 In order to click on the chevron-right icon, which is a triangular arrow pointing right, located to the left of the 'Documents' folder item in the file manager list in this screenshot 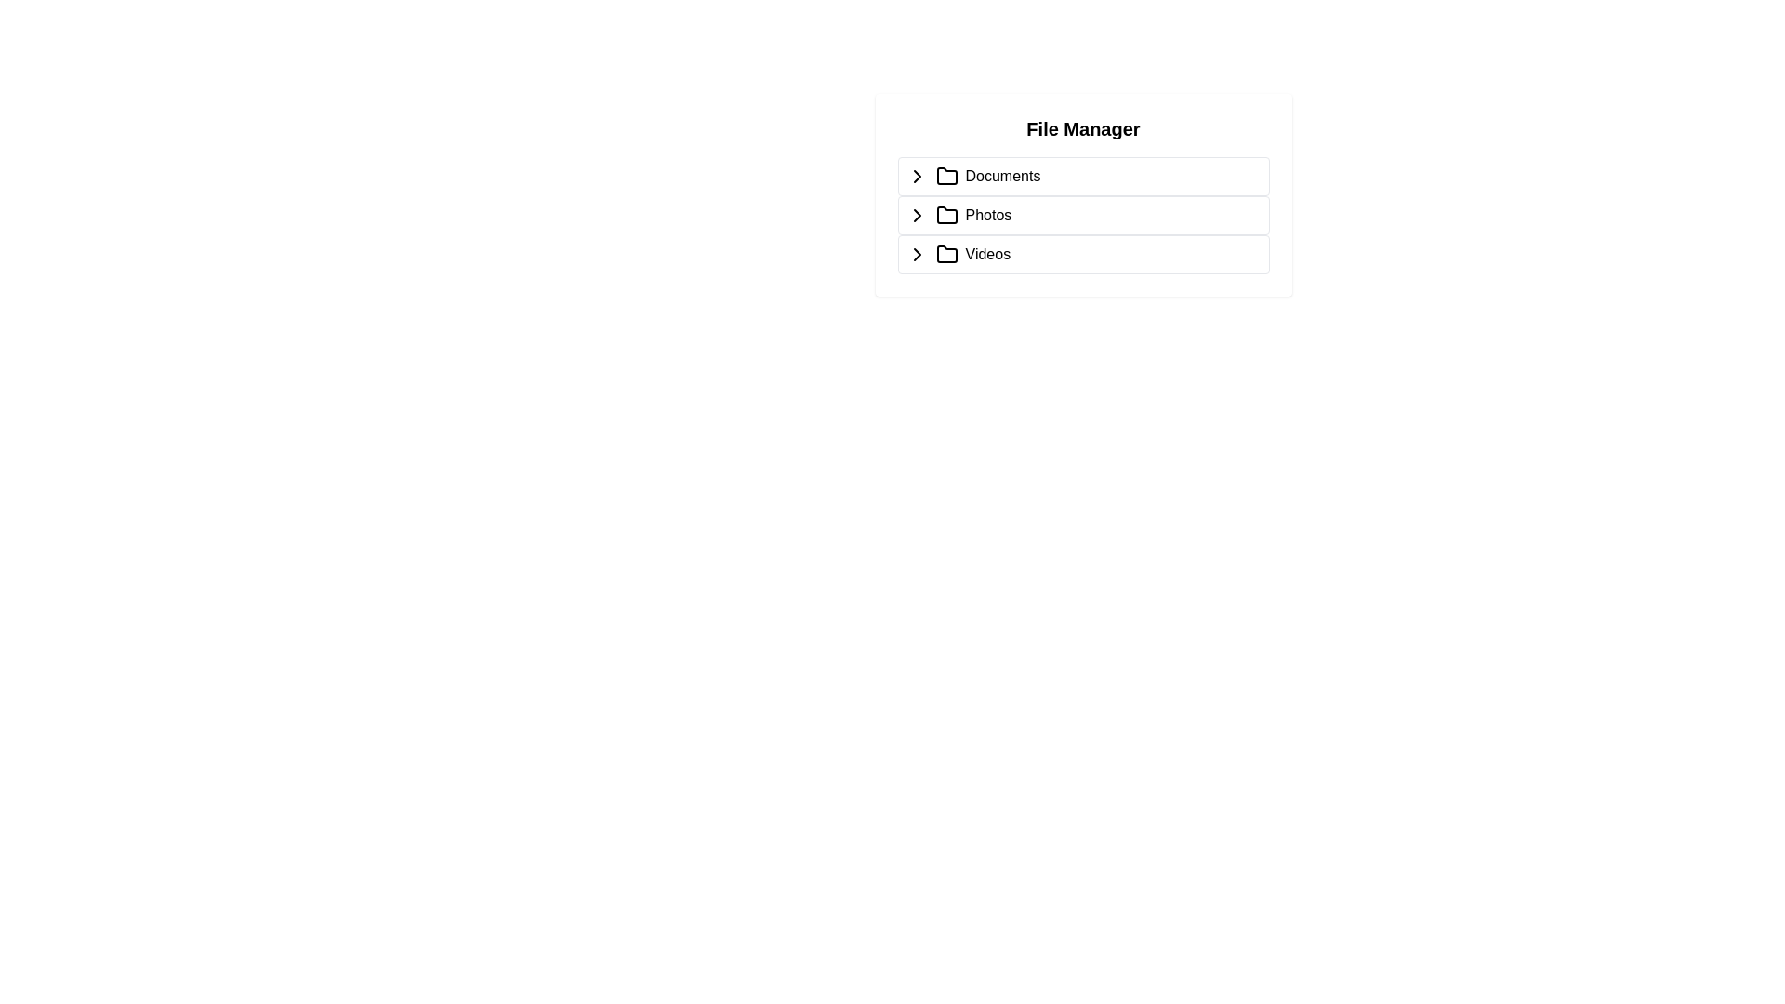, I will do `click(917, 176)`.